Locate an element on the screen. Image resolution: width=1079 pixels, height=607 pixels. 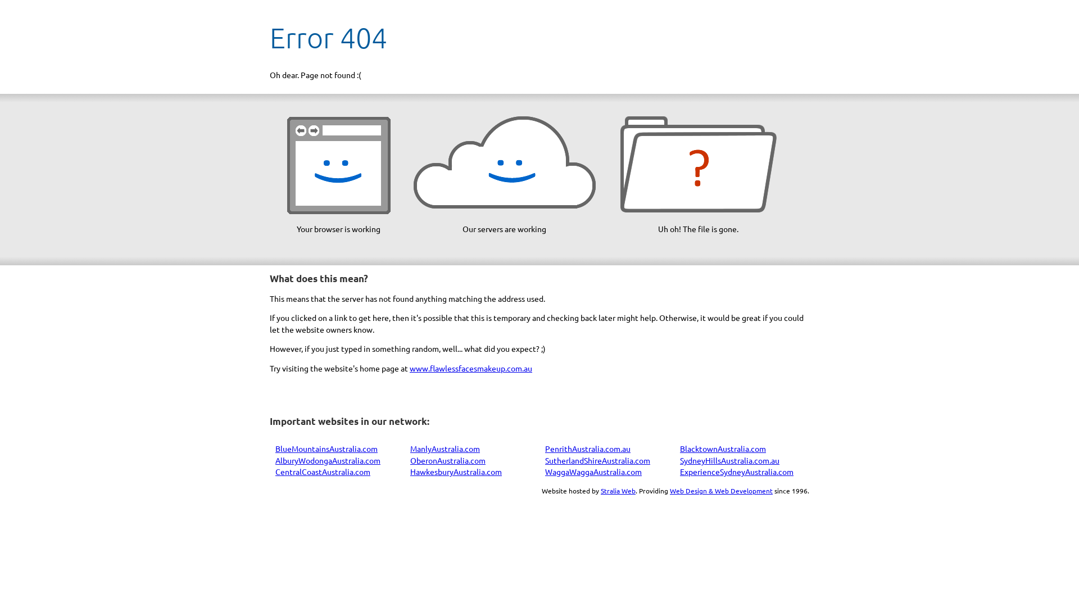
'SutherlandShireAustralia.com' is located at coordinates (545, 460).